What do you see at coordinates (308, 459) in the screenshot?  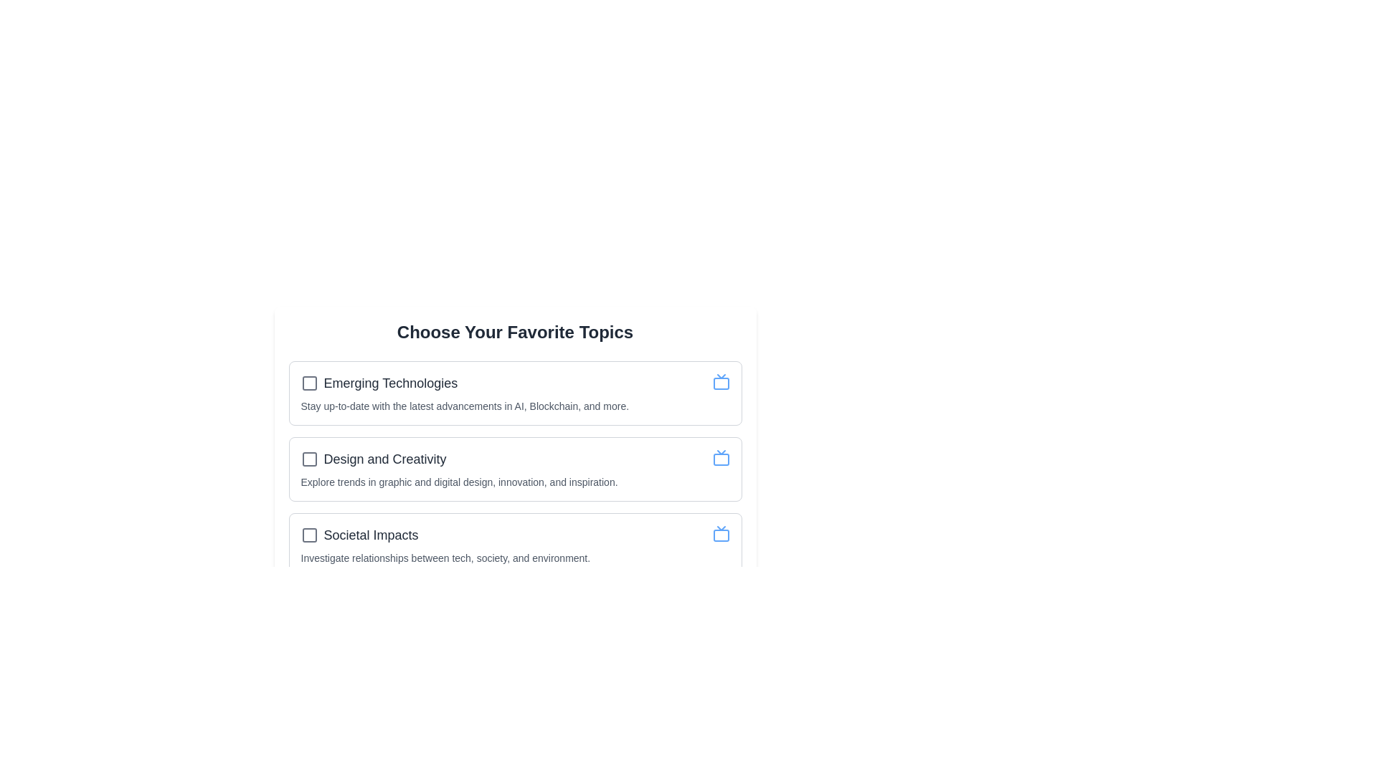 I see `the square checkbox icon associated with the 'Design and Creativity' row` at bounding box center [308, 459].